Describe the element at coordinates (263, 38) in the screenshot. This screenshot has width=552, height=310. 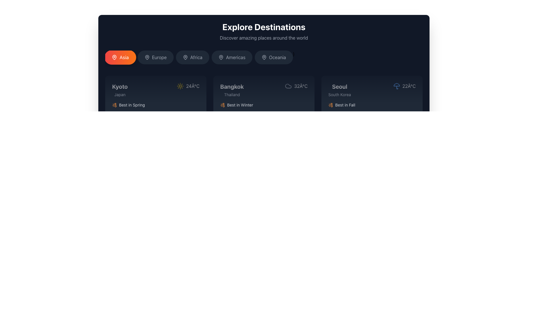
I see `the text element displaying 'Discover amazing places around the world', which is styled in a muted gray color and positioned below the title 'Explore Destinations'` at that location.